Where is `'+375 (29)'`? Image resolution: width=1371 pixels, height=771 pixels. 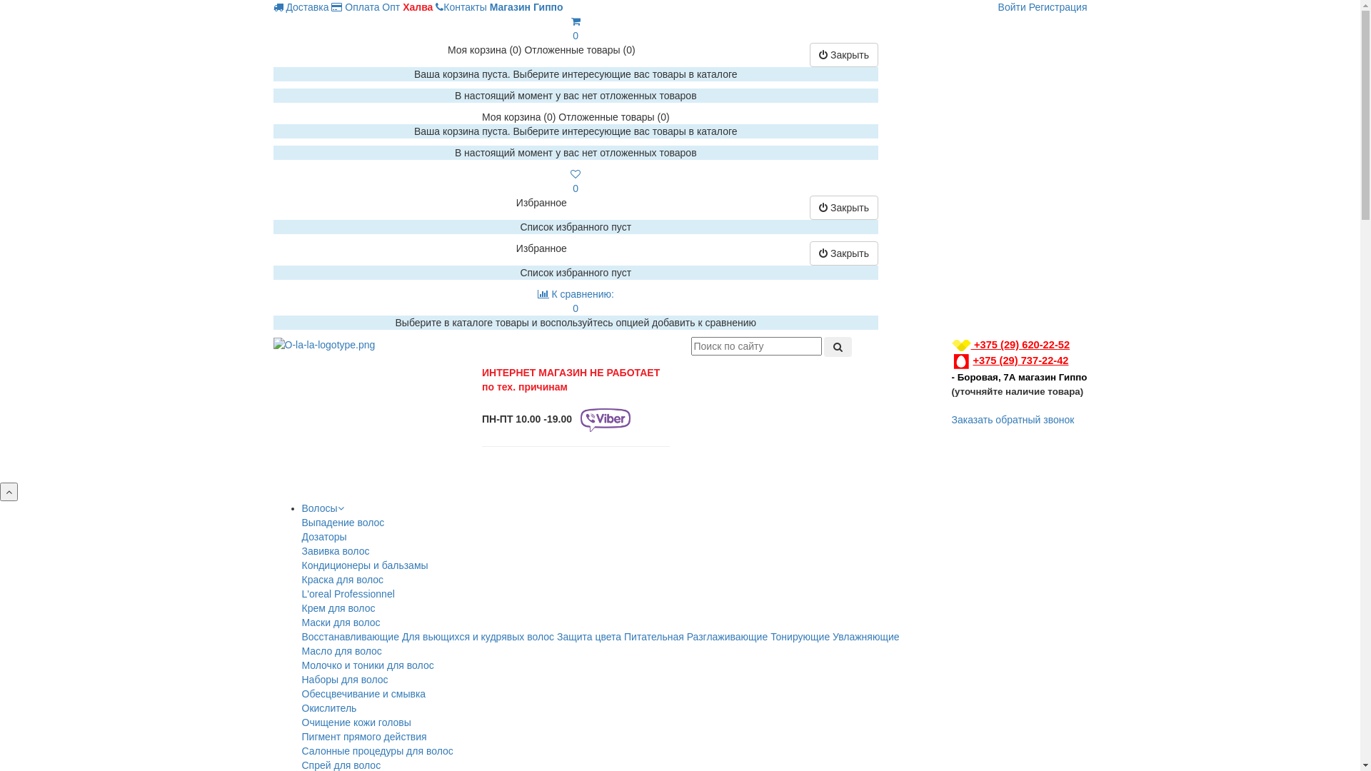 '+375 (29)' is located at coordinates (984, 360).